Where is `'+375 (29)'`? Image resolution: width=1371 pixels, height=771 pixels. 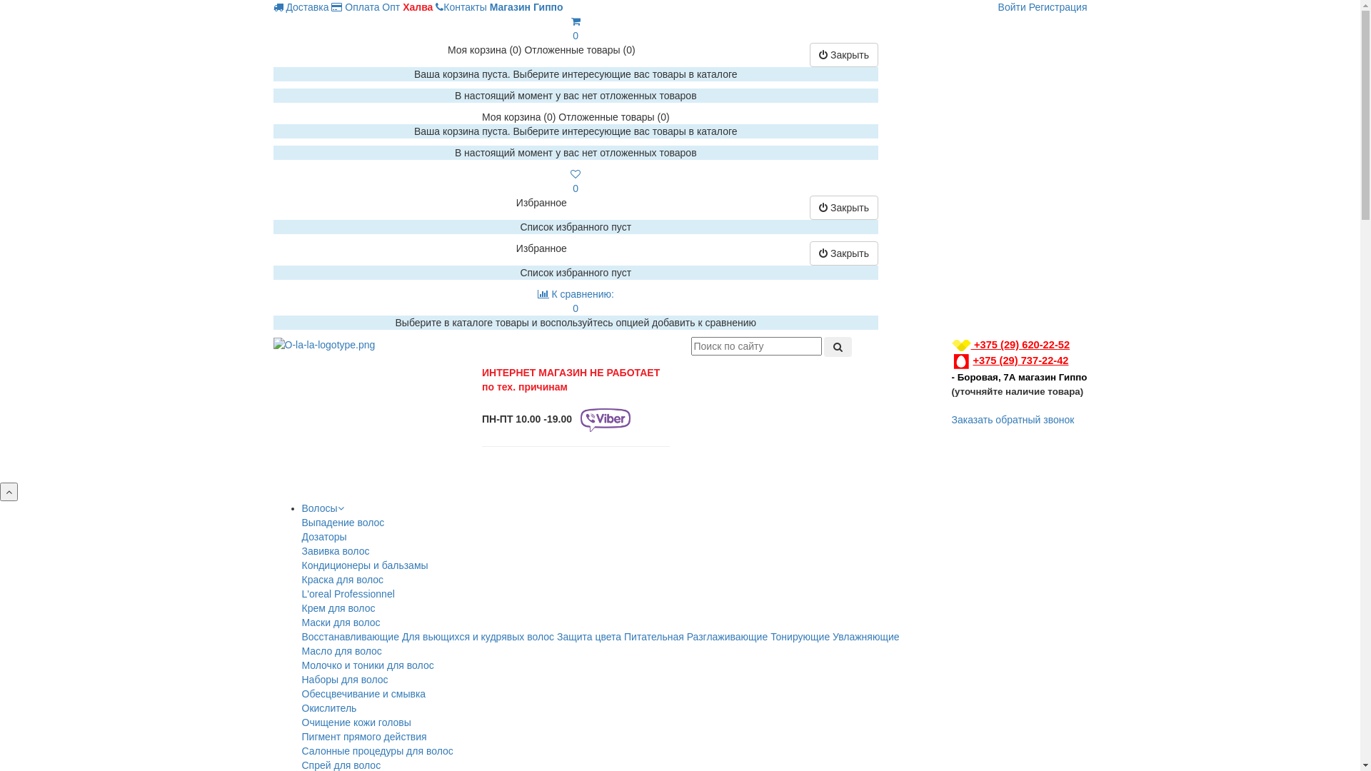 '+375 (29)' is located at coordinates (984, 360).